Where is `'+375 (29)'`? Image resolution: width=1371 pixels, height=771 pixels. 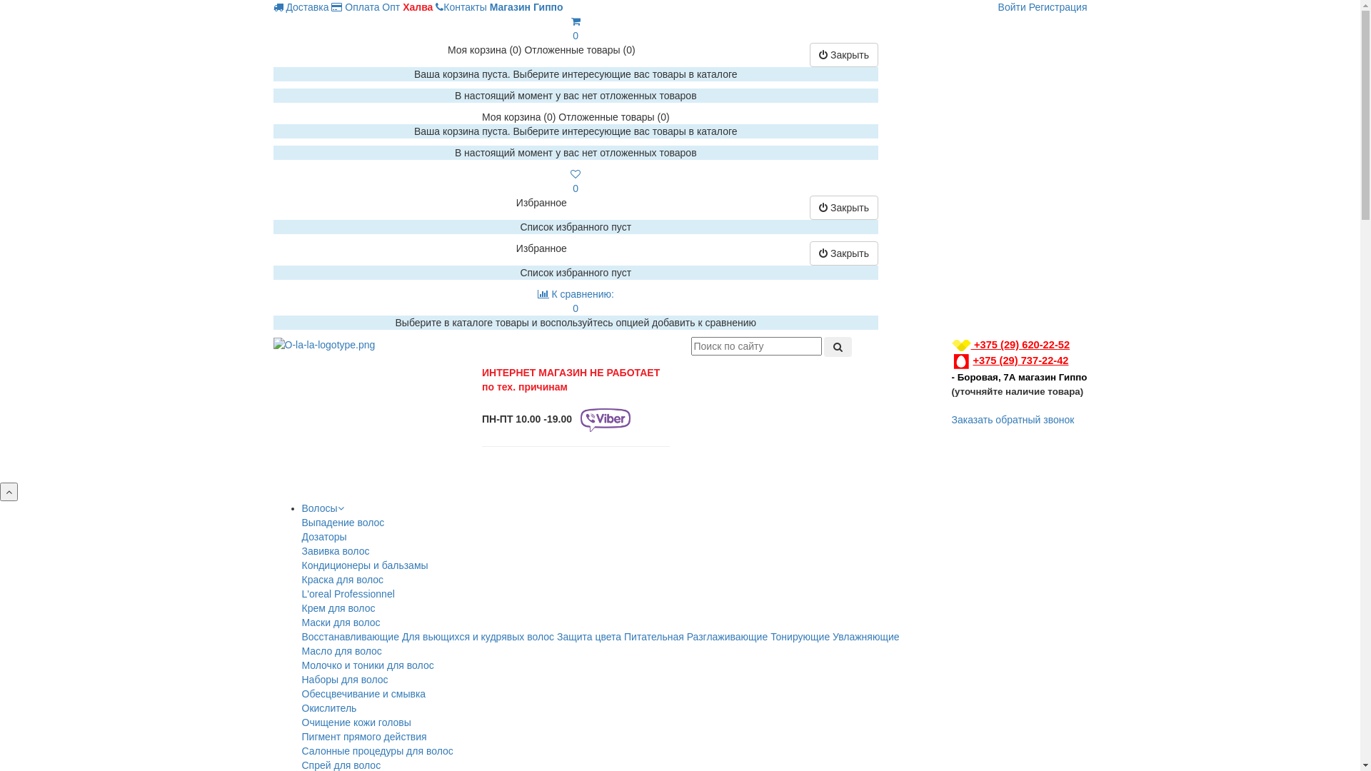 '+375 (29)' is located at coordinates (984, 360).